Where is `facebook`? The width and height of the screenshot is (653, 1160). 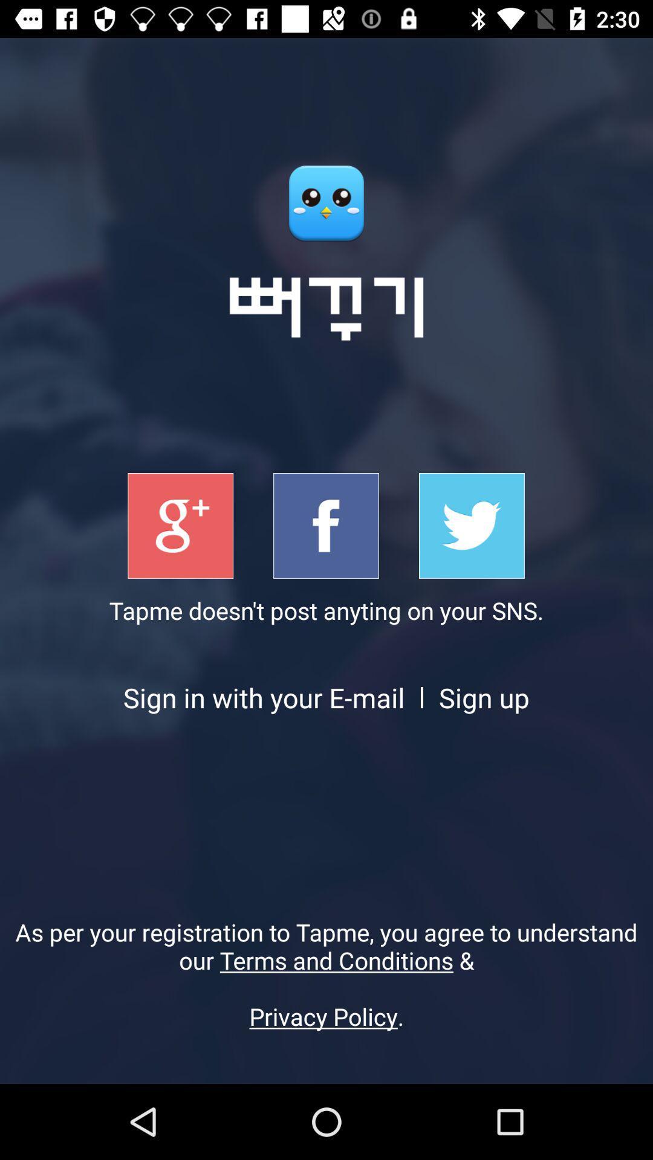
facebook is located at coordinates (325, 526).